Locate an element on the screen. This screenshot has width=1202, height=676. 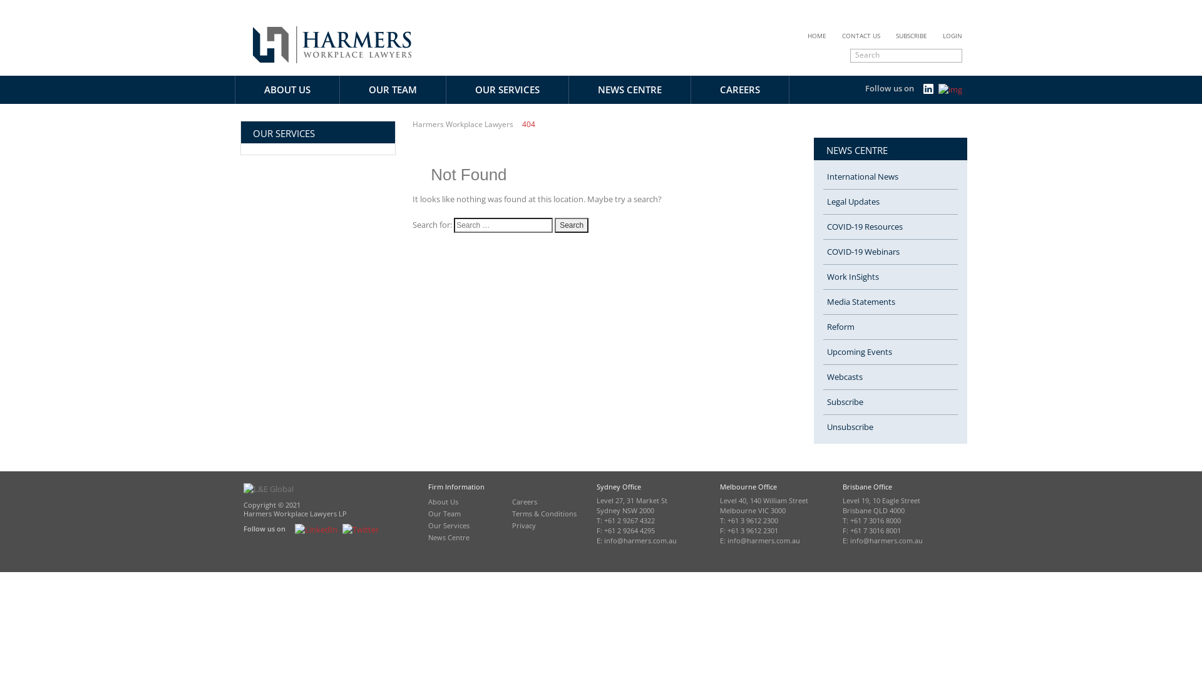
'SUBSCRIBE' is located at coordinates (911, 35).